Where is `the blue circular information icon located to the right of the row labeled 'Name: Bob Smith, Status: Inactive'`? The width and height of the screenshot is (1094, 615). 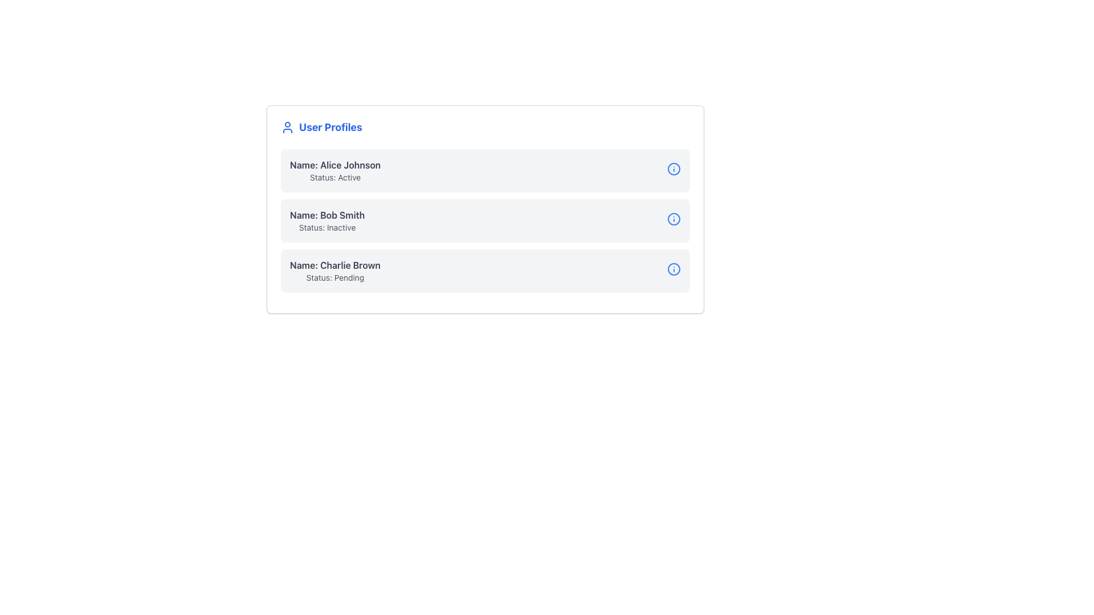 the blue circular information icon located to the right of the row labeled 'Name: Bob Smith, Status: Inactive' is located at coordinates (673, 219).